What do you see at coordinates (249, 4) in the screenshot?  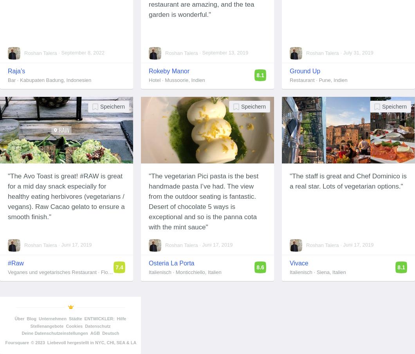 I see `'tea'` at bounding box center [249, 4].